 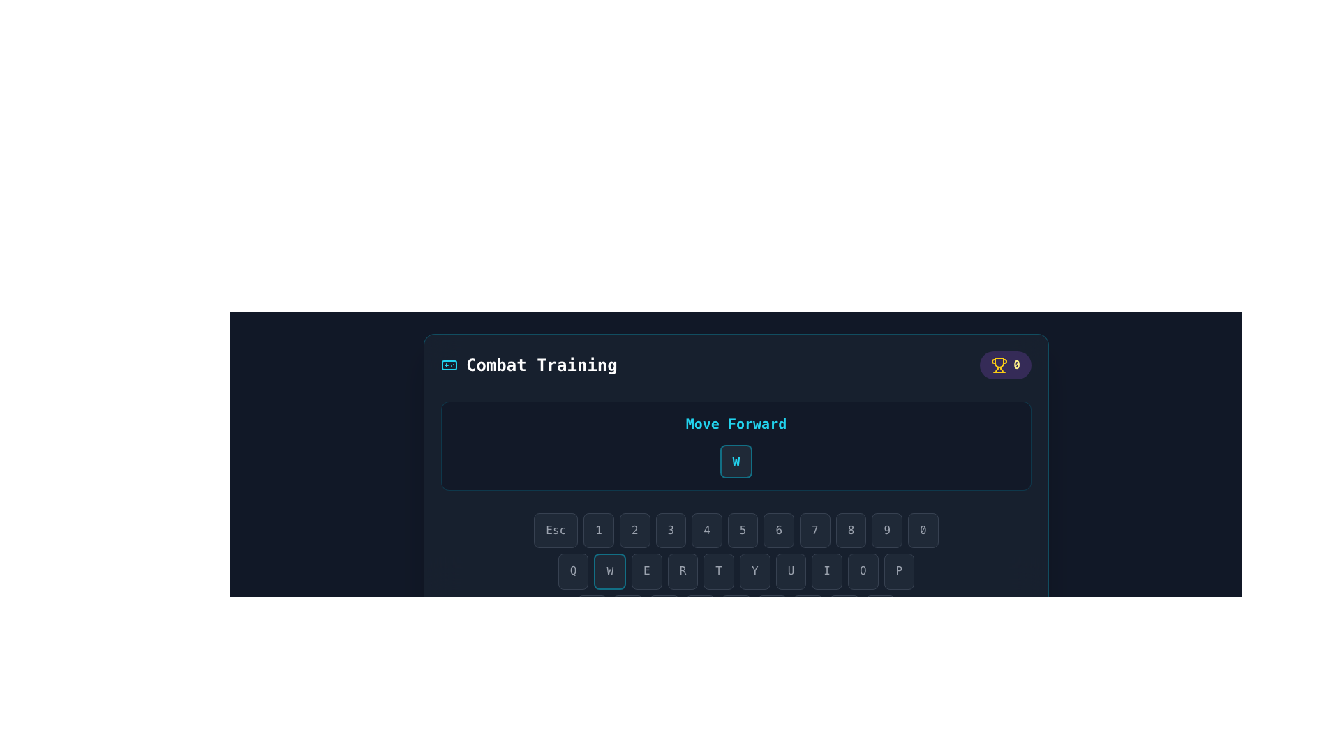 I want to click on the button representing the letter 'R' in the virtual keyboard, positioned horizontally between 'E' and 'T', so click(x=683, y=572).